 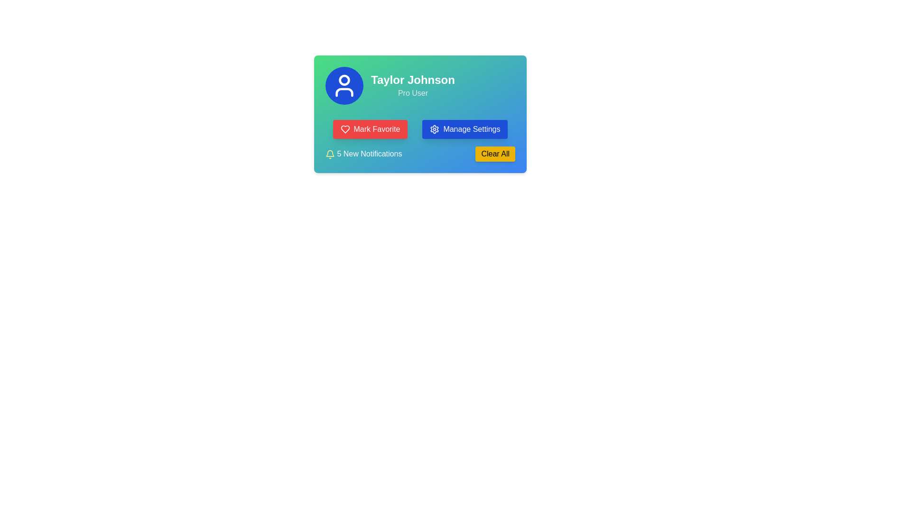 What do you see at coordinates (413, 80) in the screenshot?
I see `the text label displaying 'Taylor Johnson', which is styled in bold, large white font and positioned at the top center of the user profile card interface` at bounding box center [413, 80].